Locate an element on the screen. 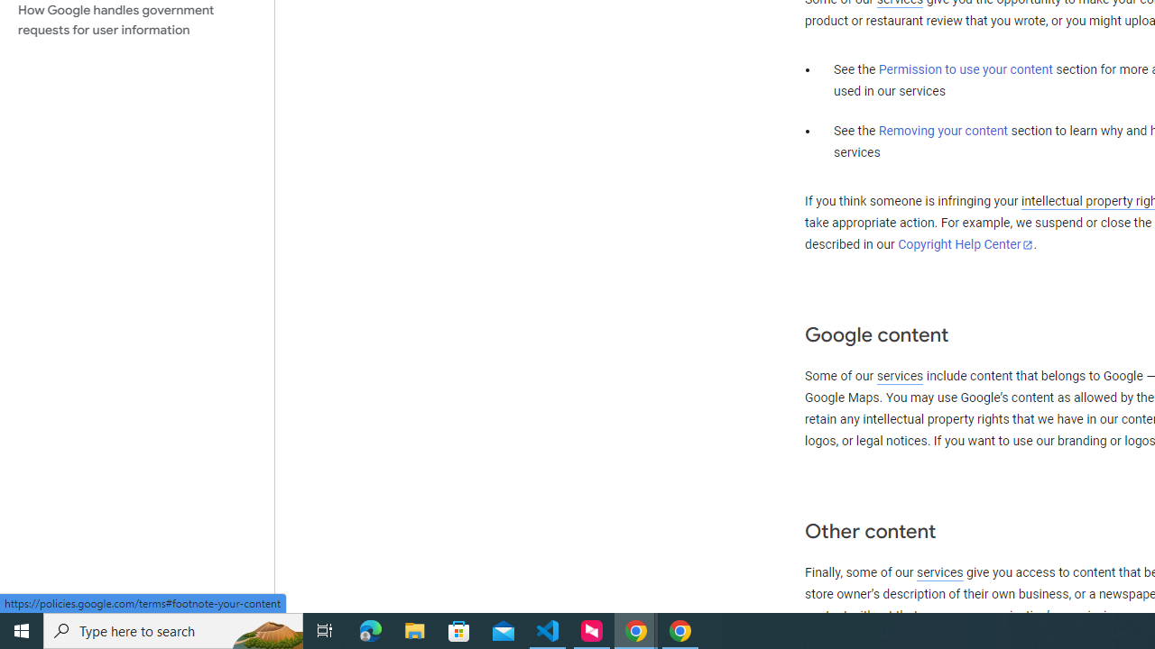  'Copyright Help Center' is located at coordinates (965, 244).